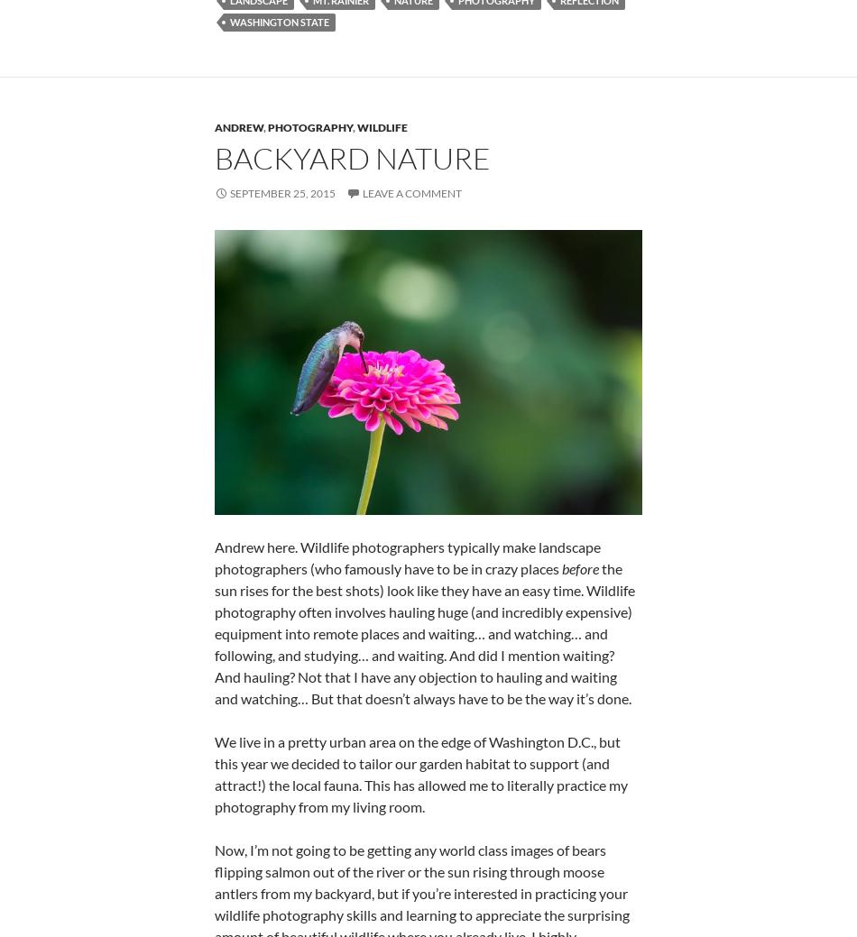 Image resolution: width=857 pixels, height=937 pixels. What do you see at coordinates (214, 126) in the screenshot?
I see `'andrew'` at bounding box center [214, 126].